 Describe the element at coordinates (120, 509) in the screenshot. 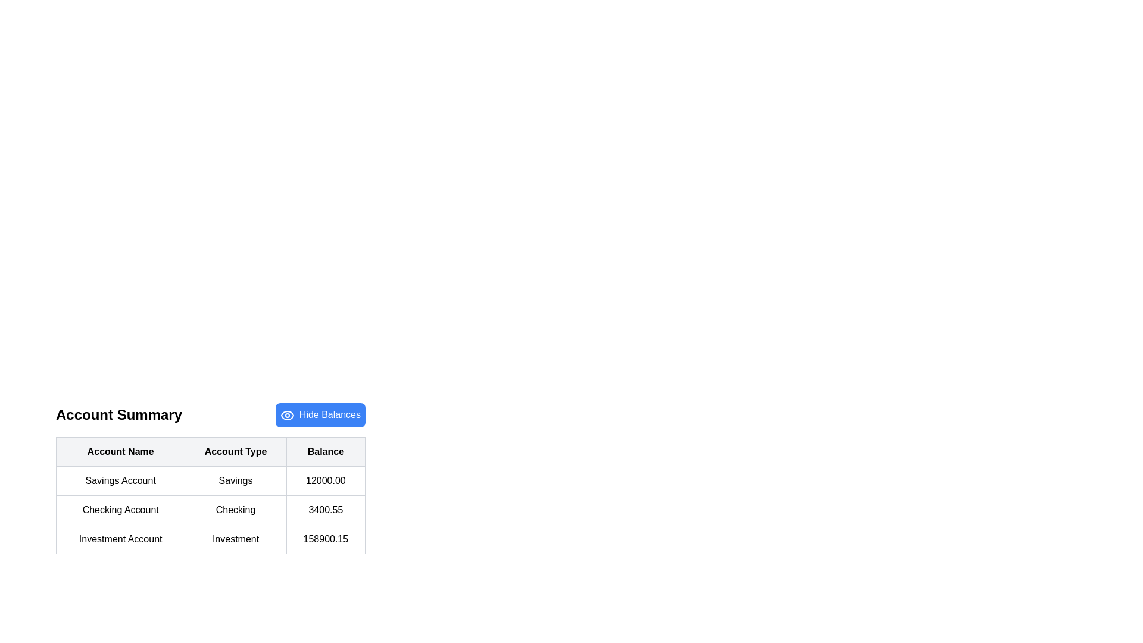

I see `the Text Label displaying 'Checking Account' in the second row, first column of the table` at that location.